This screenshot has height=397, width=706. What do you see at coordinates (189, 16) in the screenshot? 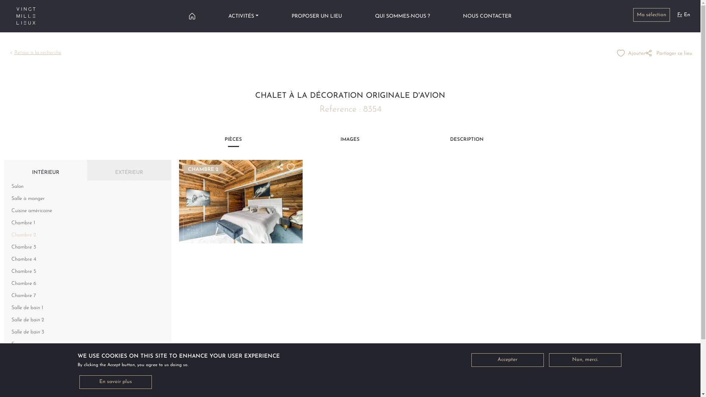
I see `'ACCUEIL'` at bounding box center [189, 16].